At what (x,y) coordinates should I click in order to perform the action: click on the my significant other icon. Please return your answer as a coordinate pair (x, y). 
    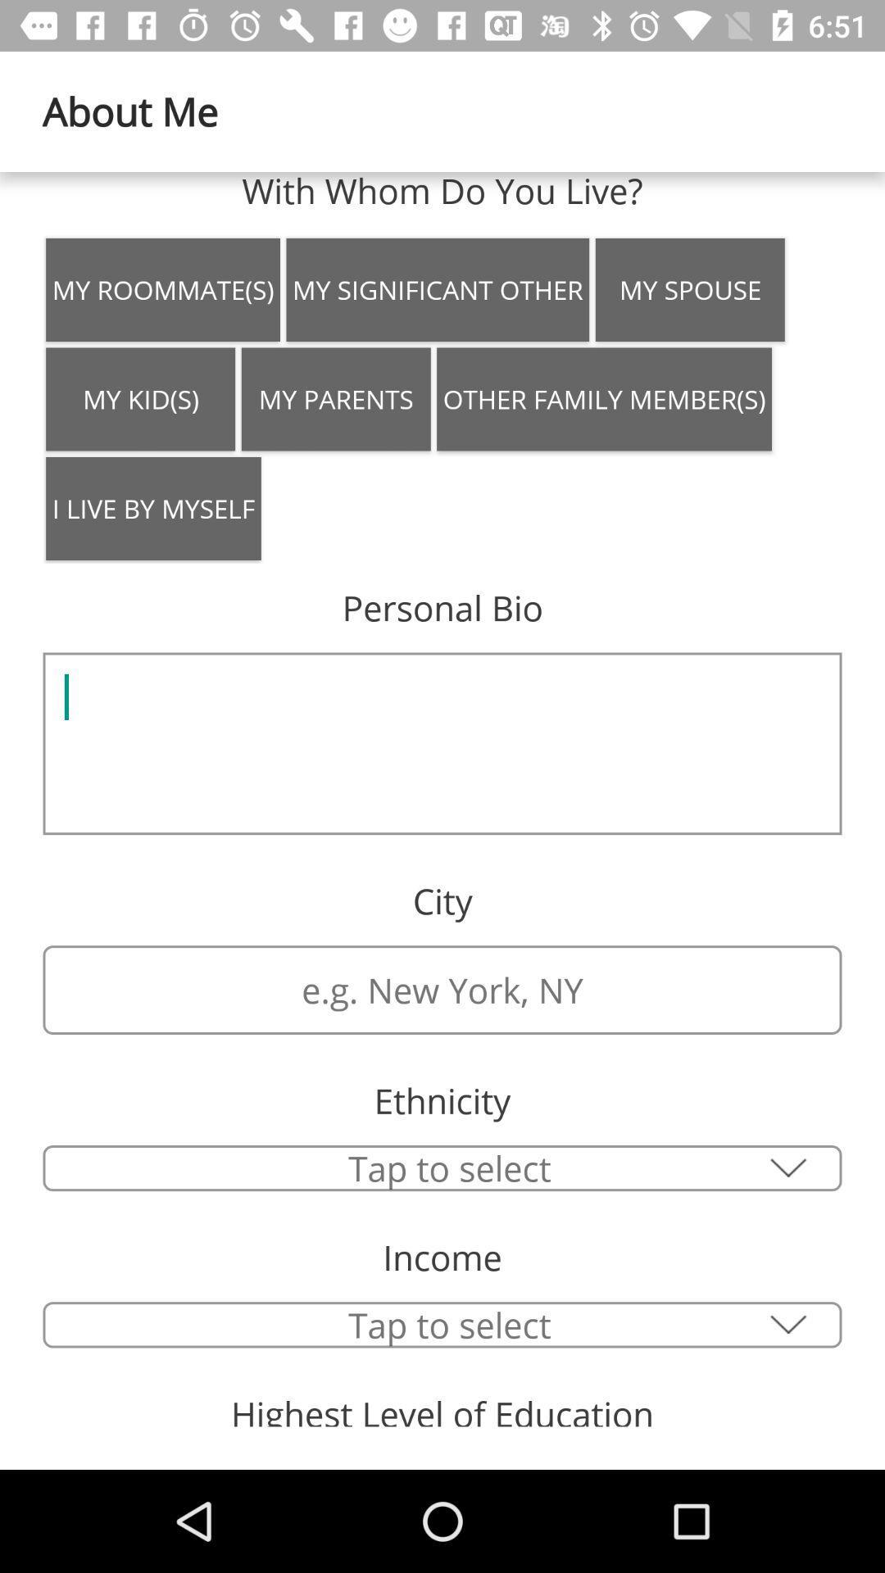
    Looking at the image, I should click on (437, 290).